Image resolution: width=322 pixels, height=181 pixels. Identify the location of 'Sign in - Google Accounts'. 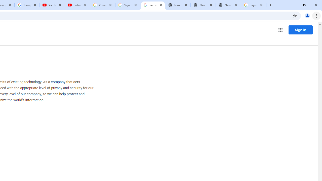
(128, 5).